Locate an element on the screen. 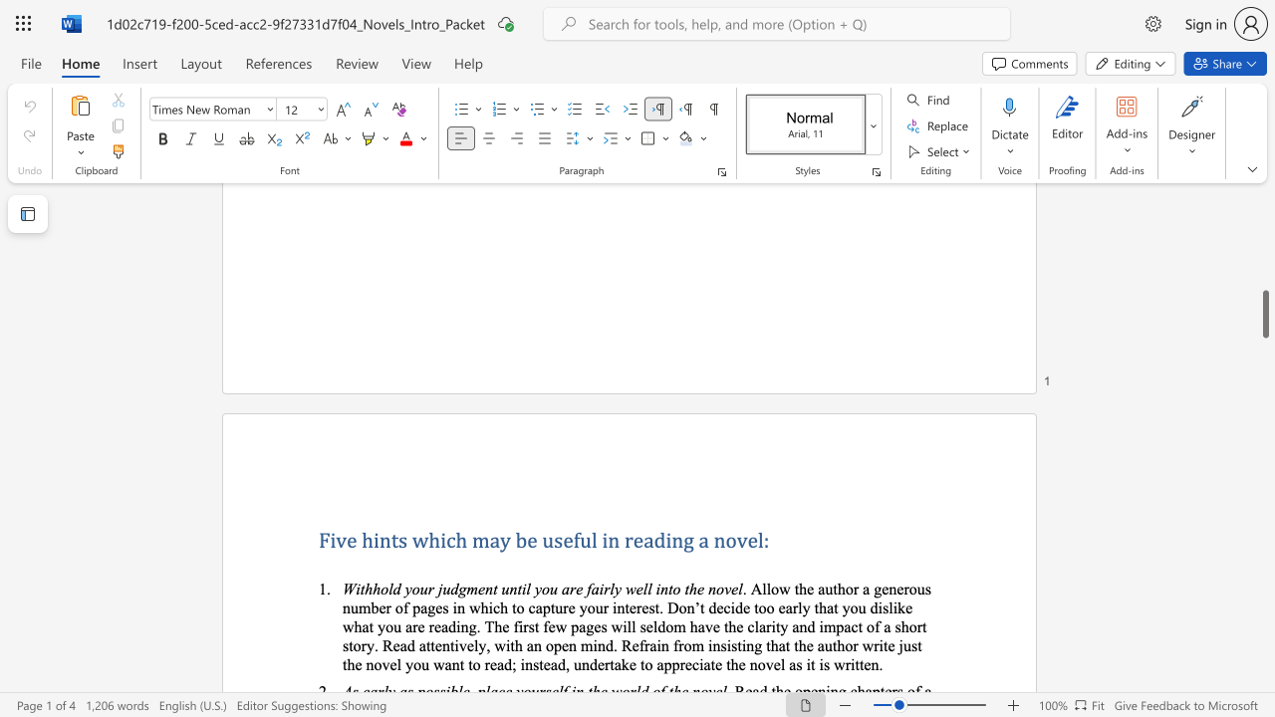  the side scrollbar to bring the page up is located at coordinates (1264, 378).